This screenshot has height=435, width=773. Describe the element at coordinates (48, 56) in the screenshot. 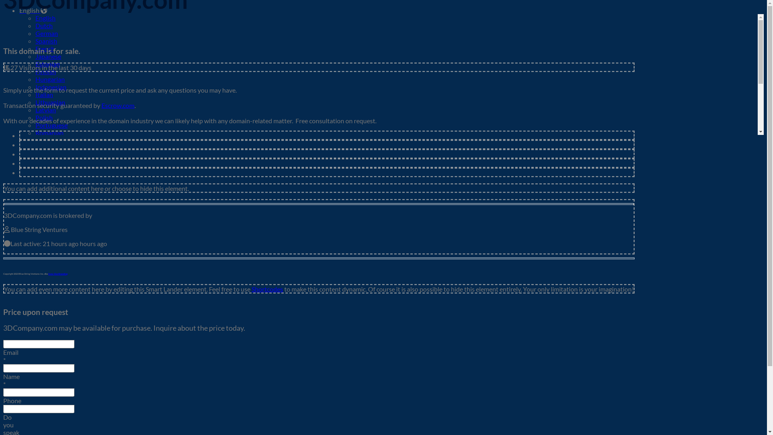

I see `'Japanese'` at that location.